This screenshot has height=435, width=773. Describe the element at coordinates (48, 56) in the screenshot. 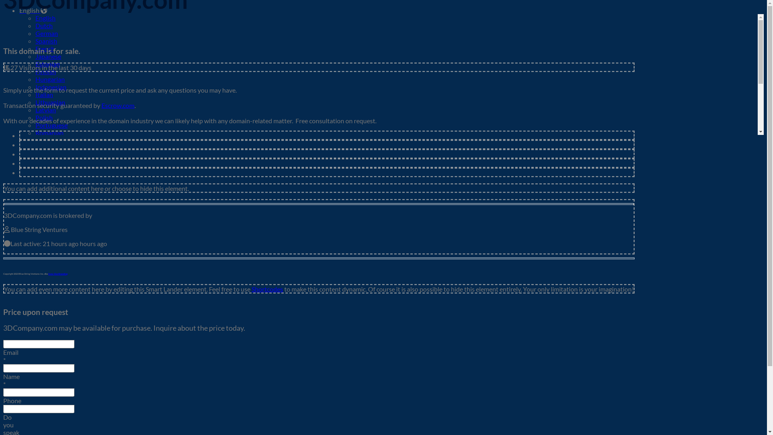

I see `'Japanese'` at that location.